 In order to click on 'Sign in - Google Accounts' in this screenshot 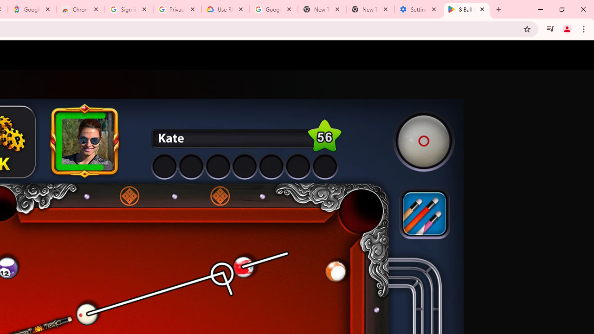, I will do `click(129, 9)`.